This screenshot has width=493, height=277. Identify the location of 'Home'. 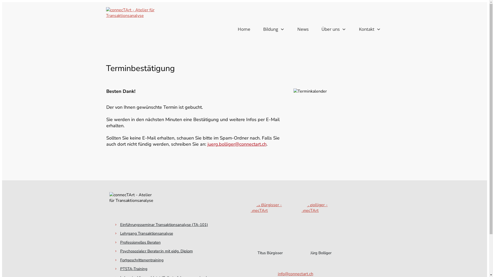
(244, 29).